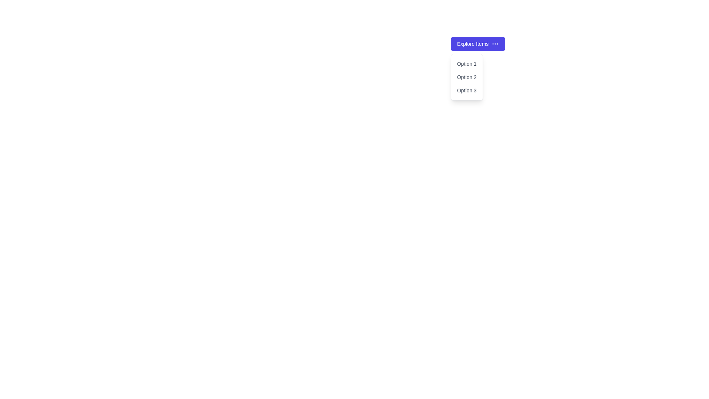 Image resolution: width=709 pixels, height=399 pixels. Describe the element at coordinates (466, 90) in the screenshot. I see `the option Option 3 in the dropdown to preview its content` at that location.